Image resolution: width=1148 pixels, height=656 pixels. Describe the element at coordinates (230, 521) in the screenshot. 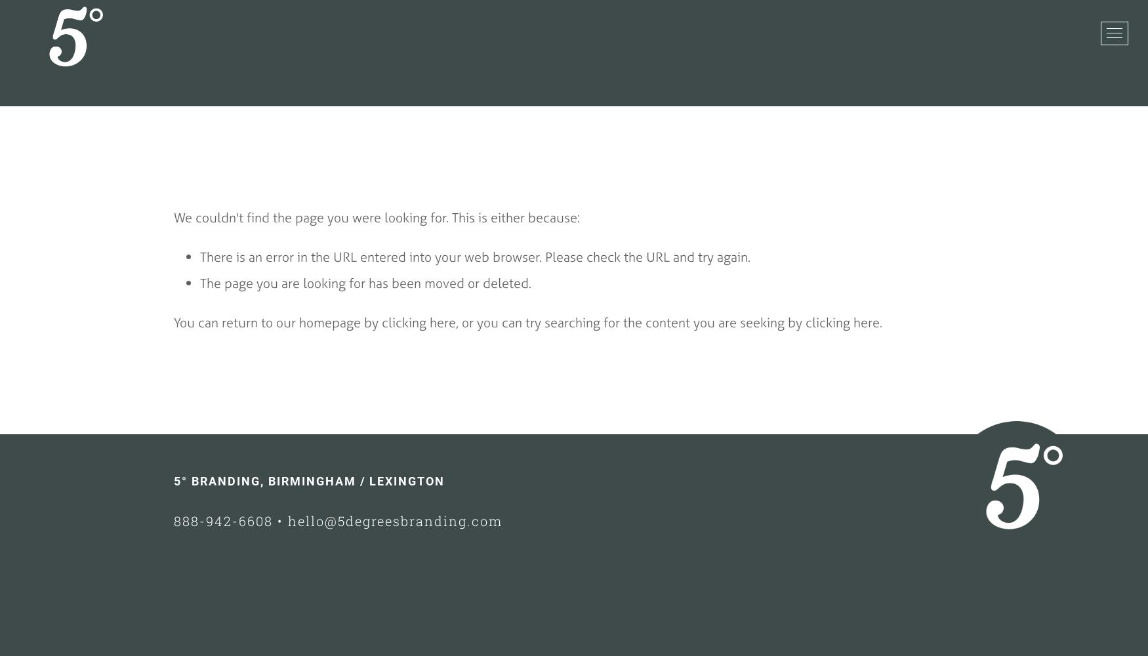

I see `'888-942-6608 •'` at that location.